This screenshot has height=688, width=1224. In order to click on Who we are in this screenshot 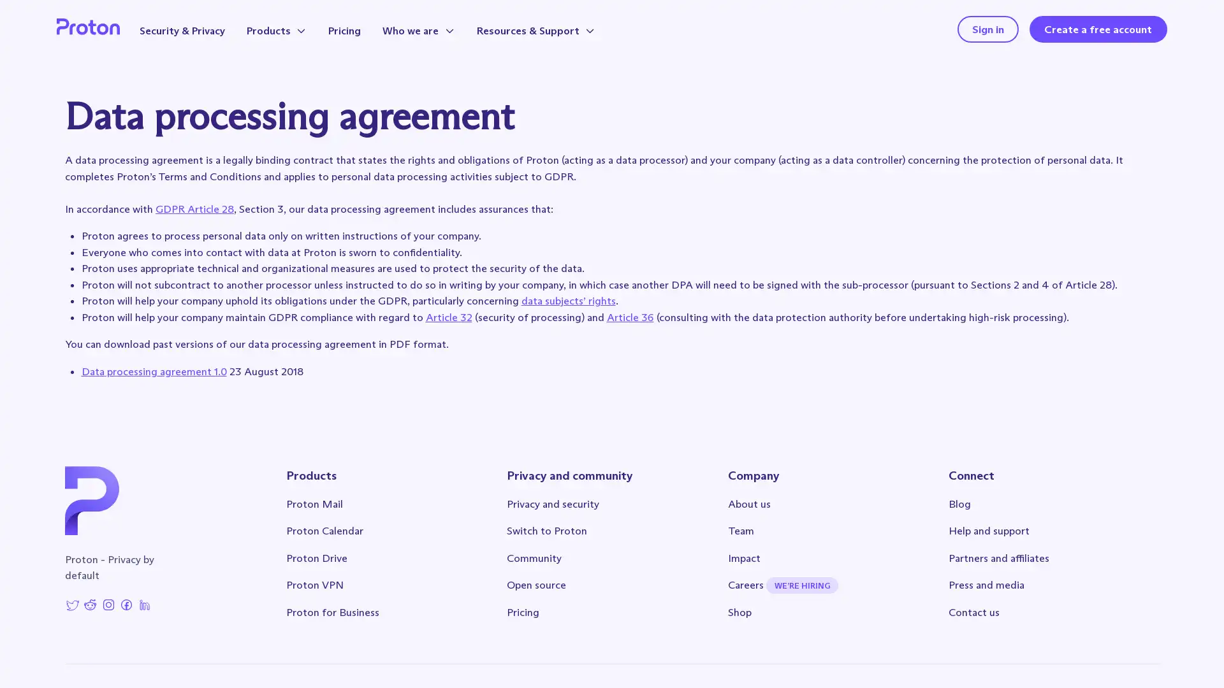, I will do `click(433, 32)`.